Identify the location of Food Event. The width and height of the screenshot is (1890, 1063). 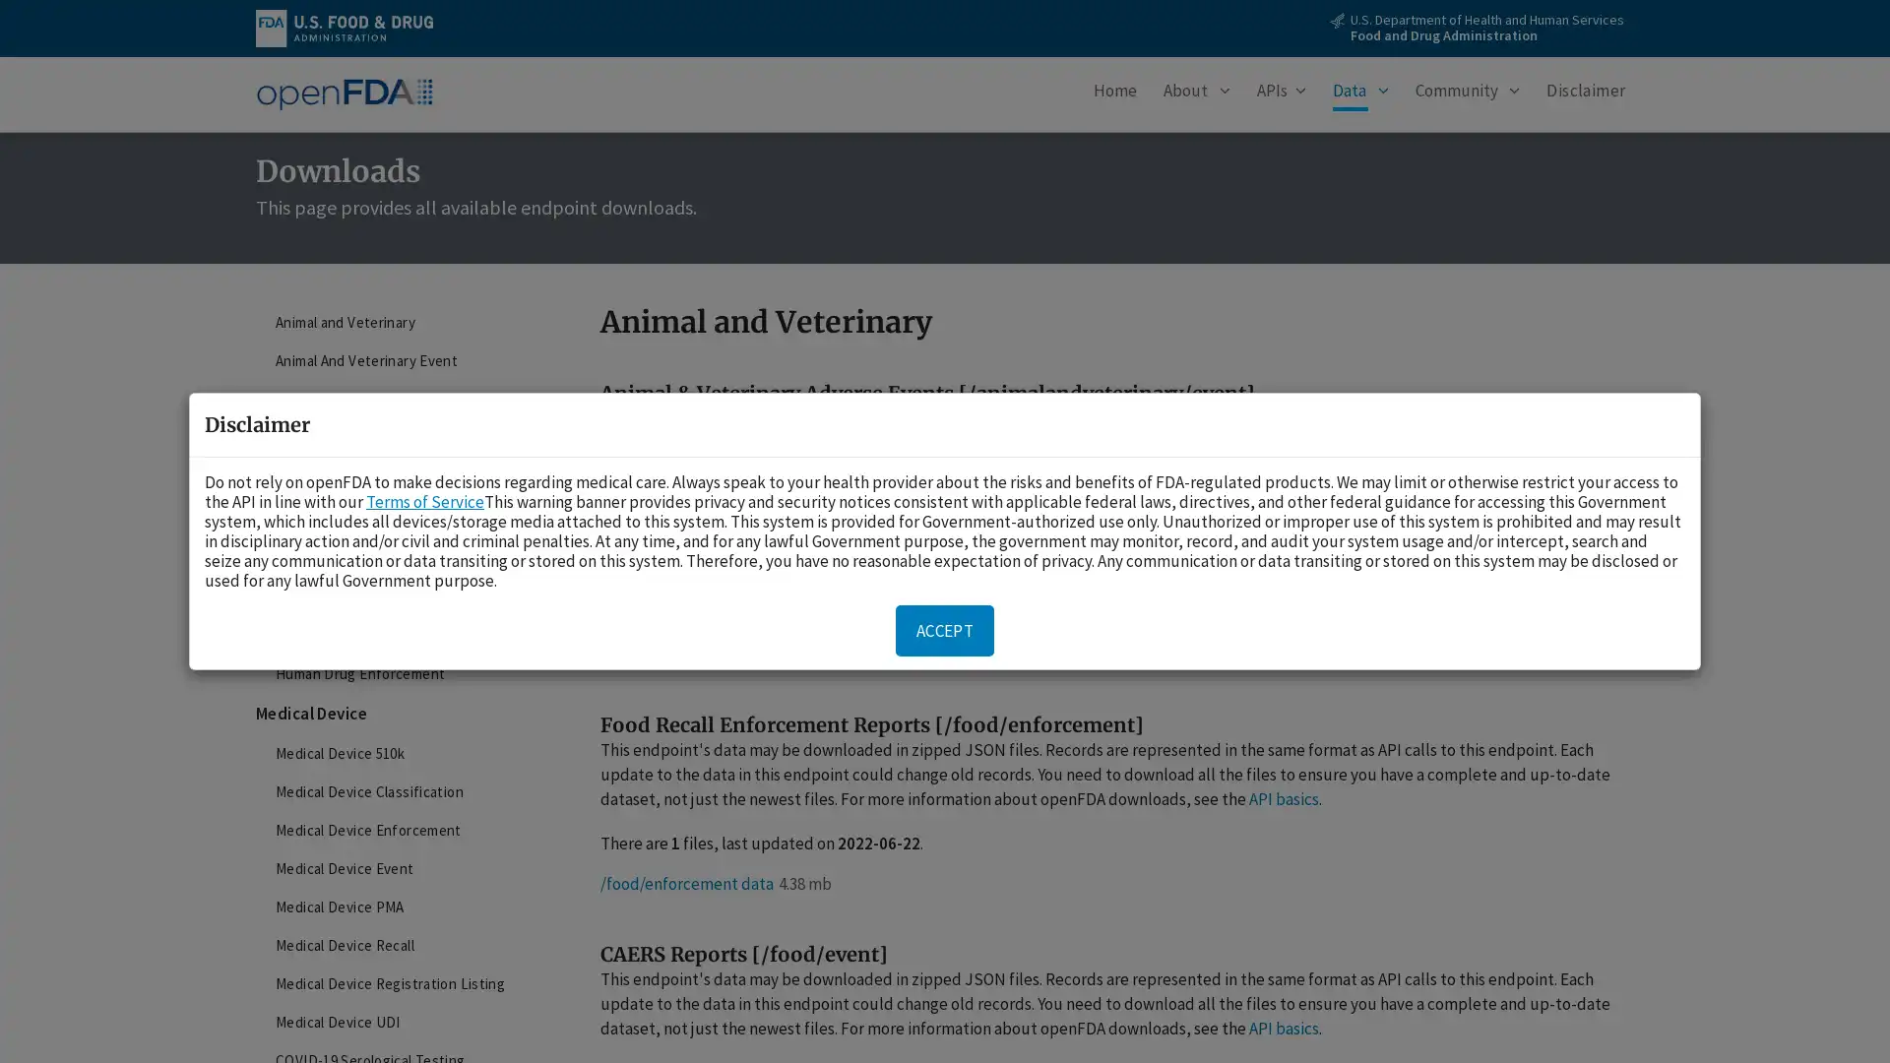
(402, 478).